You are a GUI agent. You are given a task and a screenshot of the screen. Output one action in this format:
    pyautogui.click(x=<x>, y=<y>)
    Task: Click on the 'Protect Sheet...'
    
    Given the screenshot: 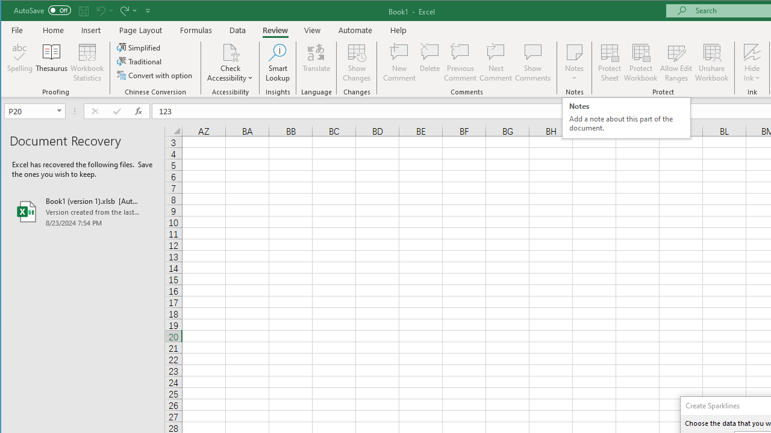 What is the action you would take?
    pyautogui.click(x=610, y=63)
    